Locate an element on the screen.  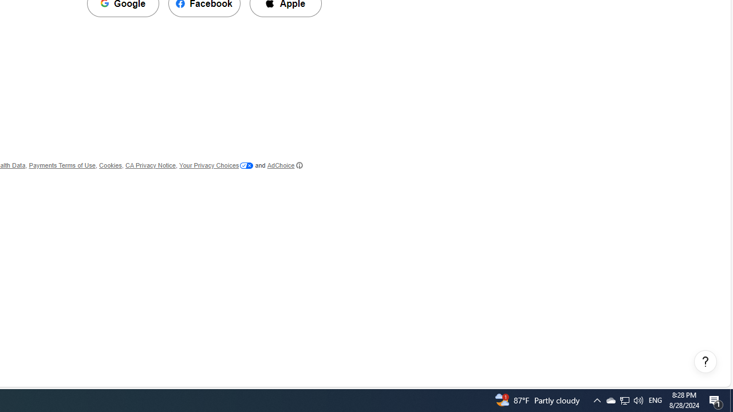
'Cookies' is located at coordinates (110, 165).